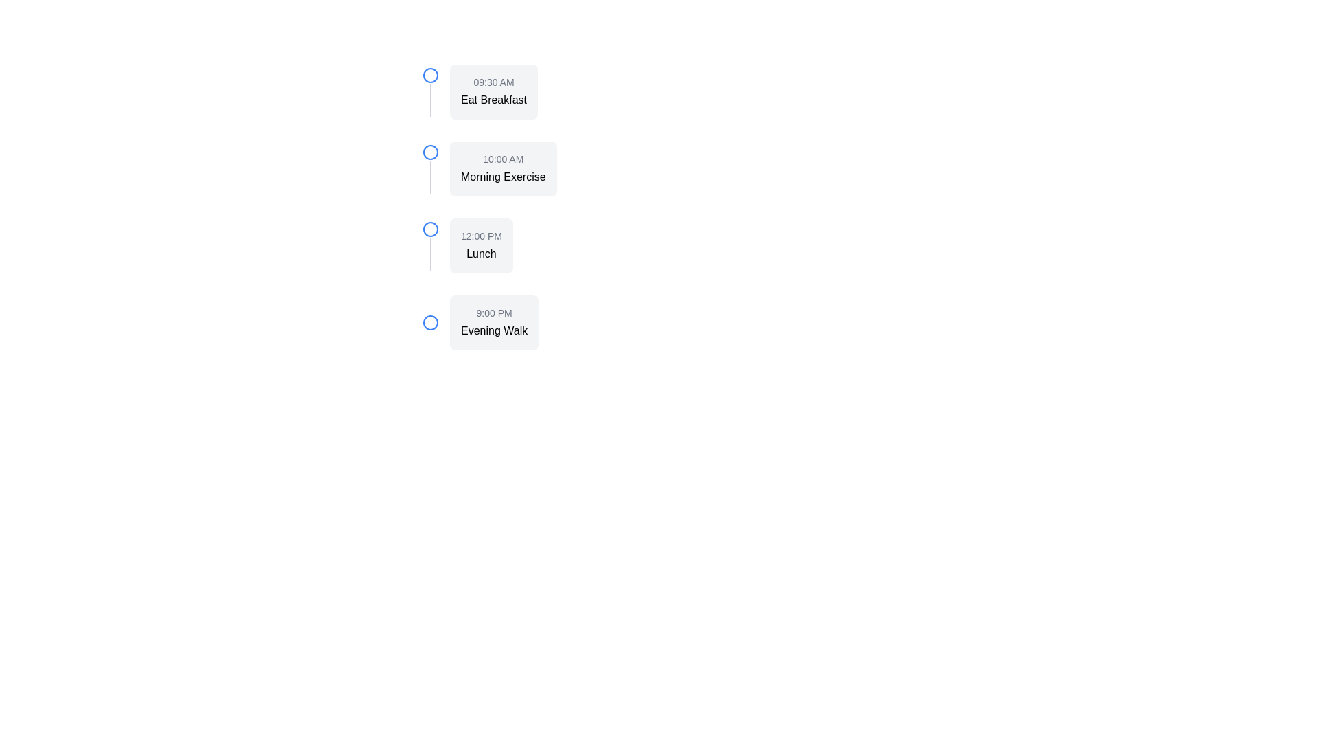  Describe the element at coordinates (565, 323) in the screenshot. I see `the fourth timeline entry labeled '9:00 PM' and 'Evening Walk'` at that location.